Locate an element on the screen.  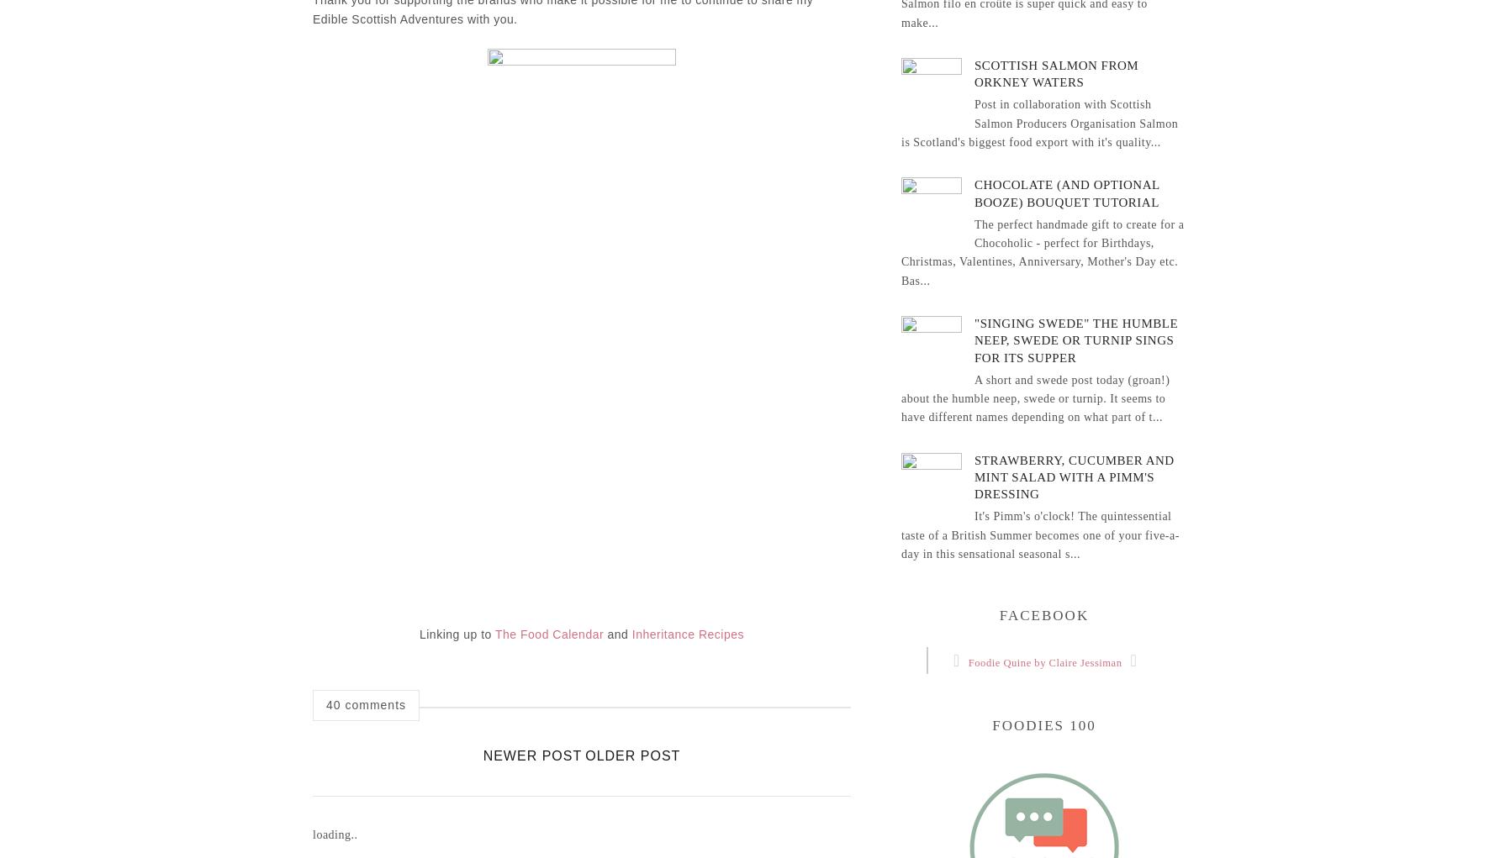
'Foodie Quine by Claire Jessiman' is located at coordinates (1043, 662).